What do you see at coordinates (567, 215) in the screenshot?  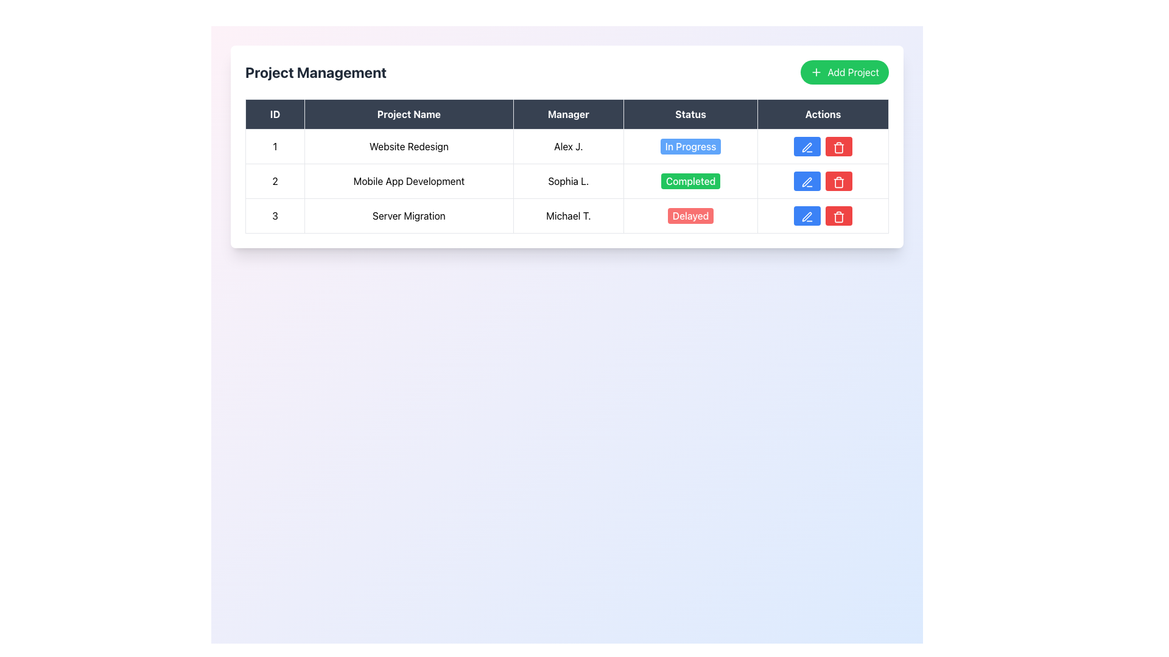 I see `the text label displaying 'Michael T.' located in the third row of the table under the 'Manager' column to trigger potential tooltip or highlight effect` at bounding box center [567, 215].